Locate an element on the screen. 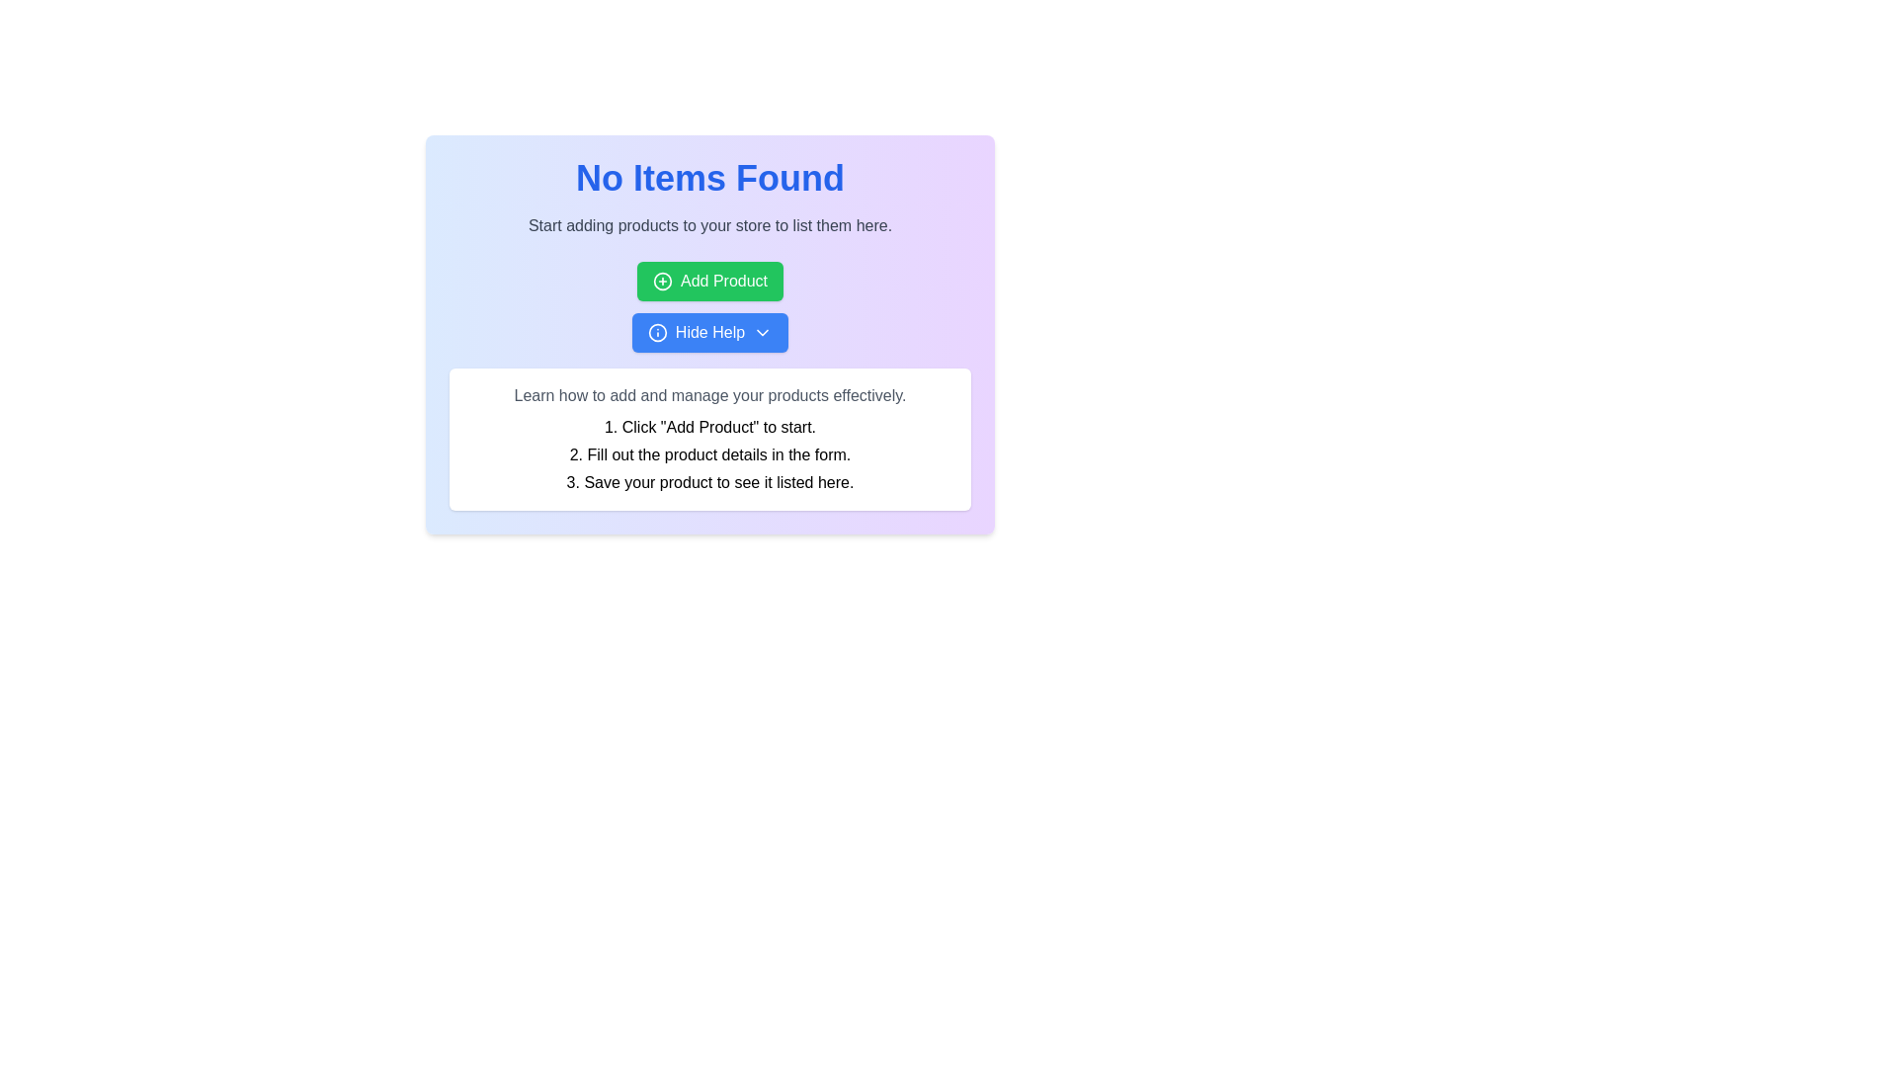 The height and width of the screenshot is (1067, 1897). the informational text element that reads 'Start adding products to your store to list them here.', which is displayed in gray color below the title 'No Items Found' is located at coordinates (710, 224).